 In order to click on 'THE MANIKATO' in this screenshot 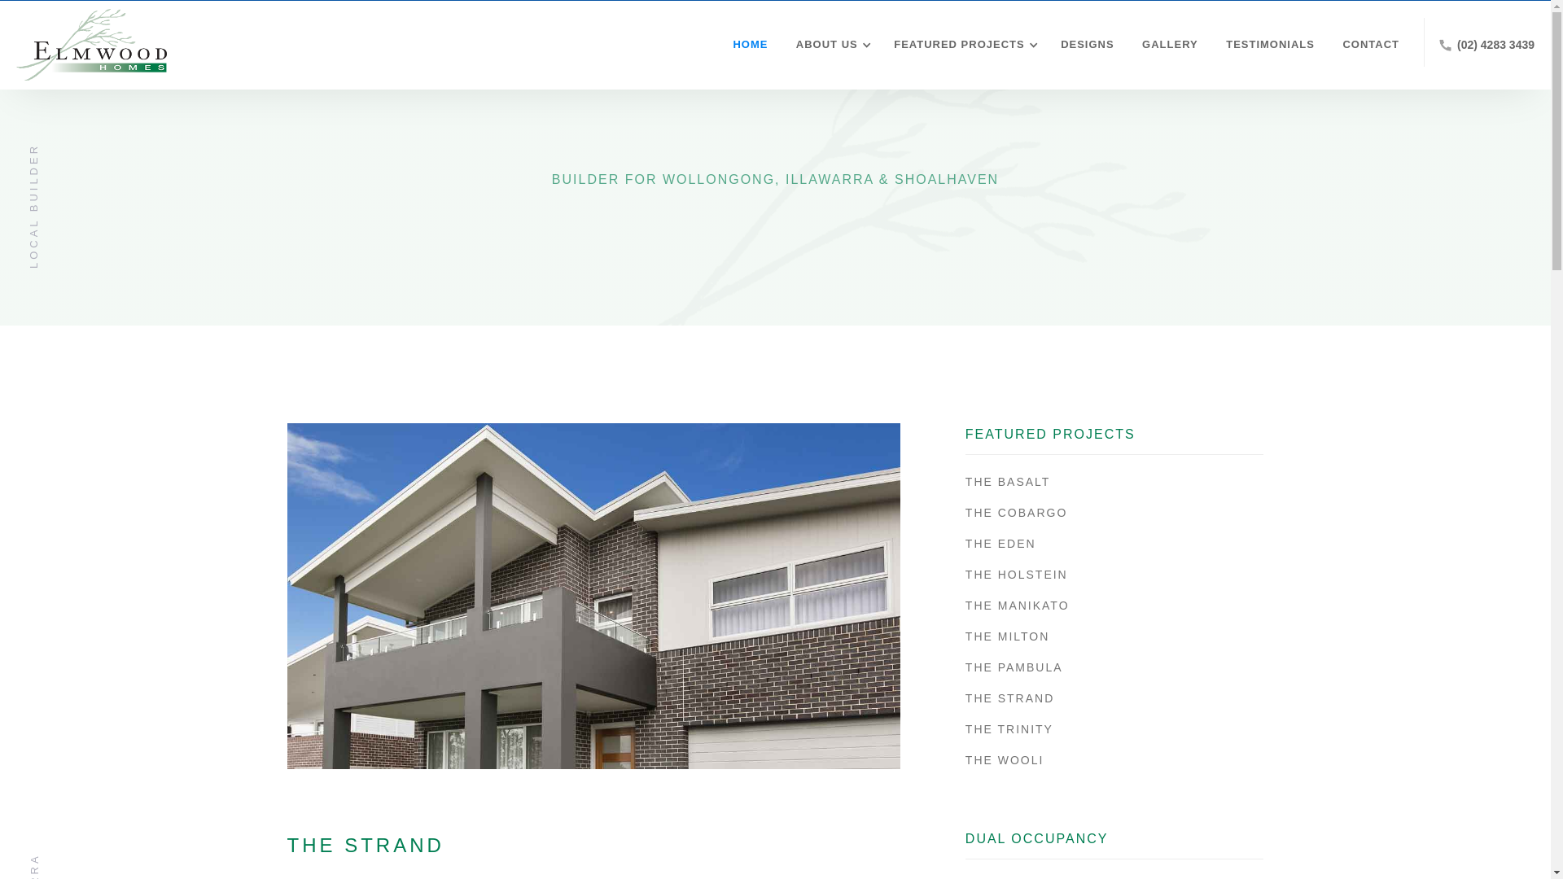, I will do `click(965, 606)`.